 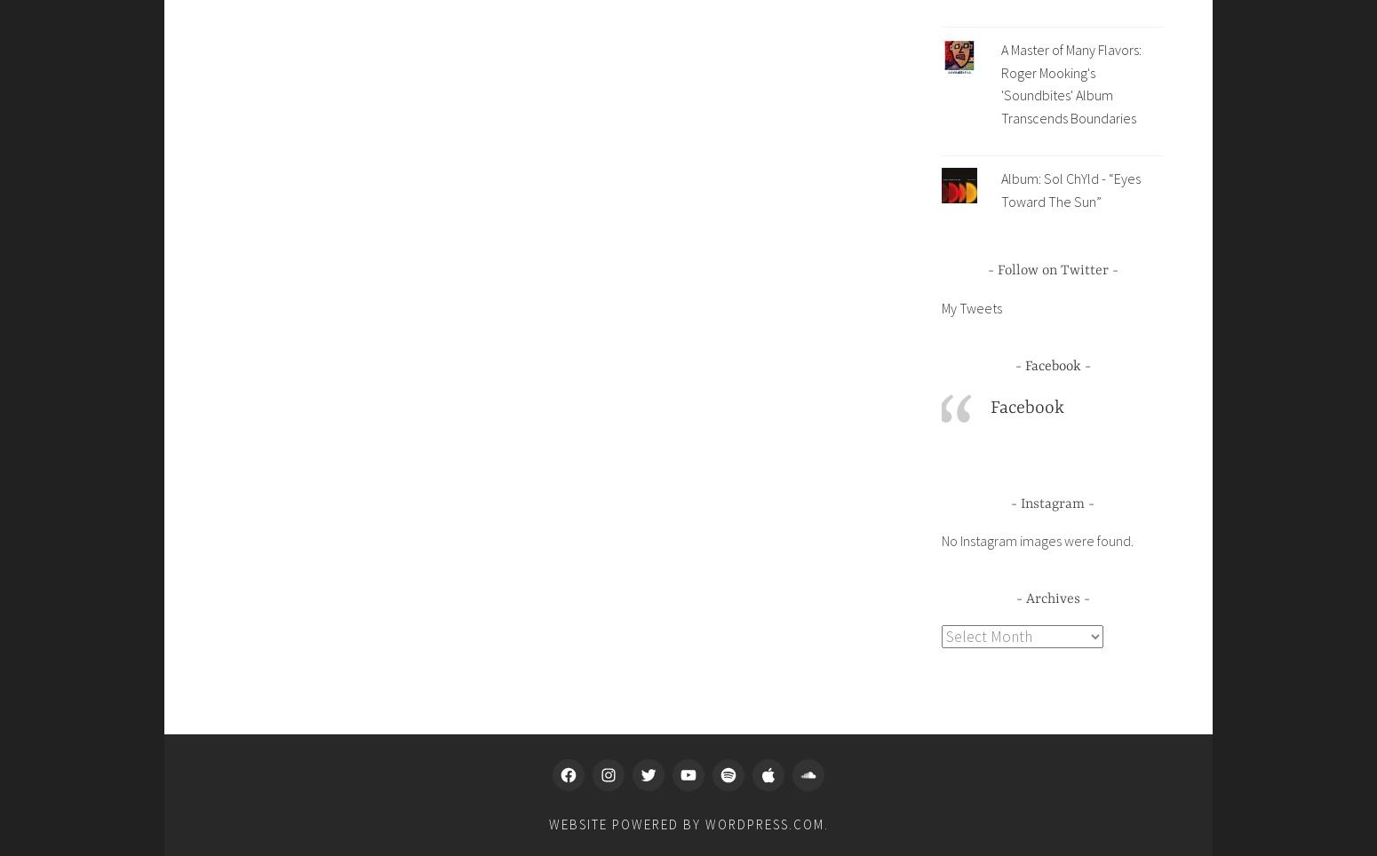 What do you see at coordinates (824, 825) in the screenshot?
I see `'.'` at bounding box center [824, 825].